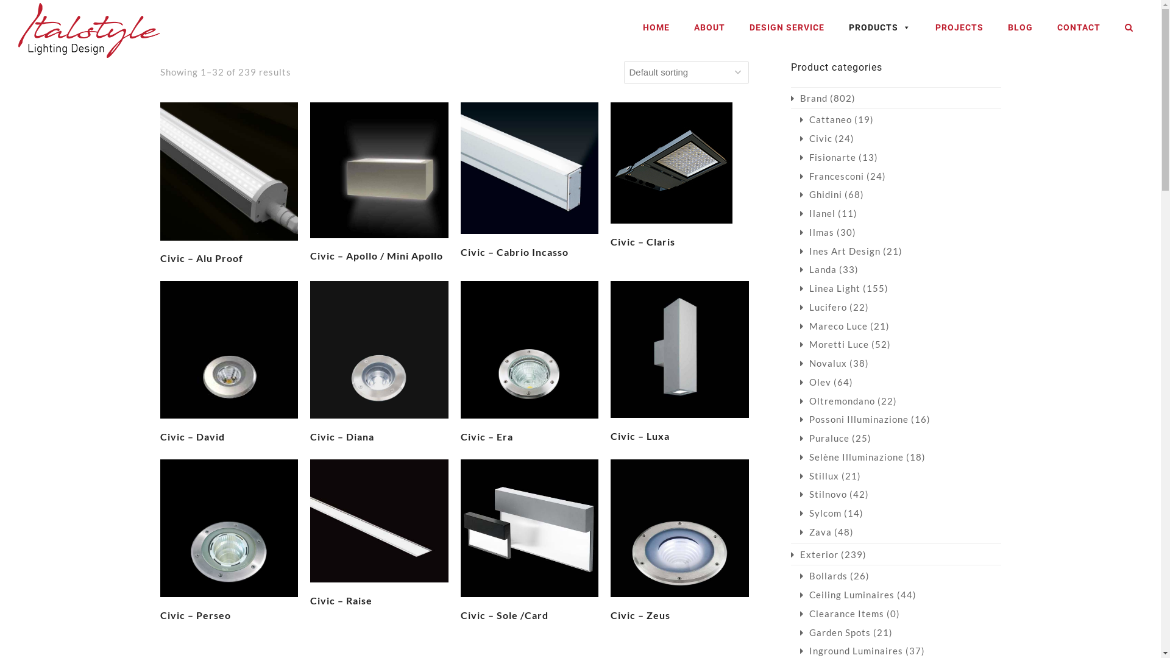 Image resolution: width=1170 pixels, height=658 pixels. I want to click on 'Sylcom', so click(820, 512).